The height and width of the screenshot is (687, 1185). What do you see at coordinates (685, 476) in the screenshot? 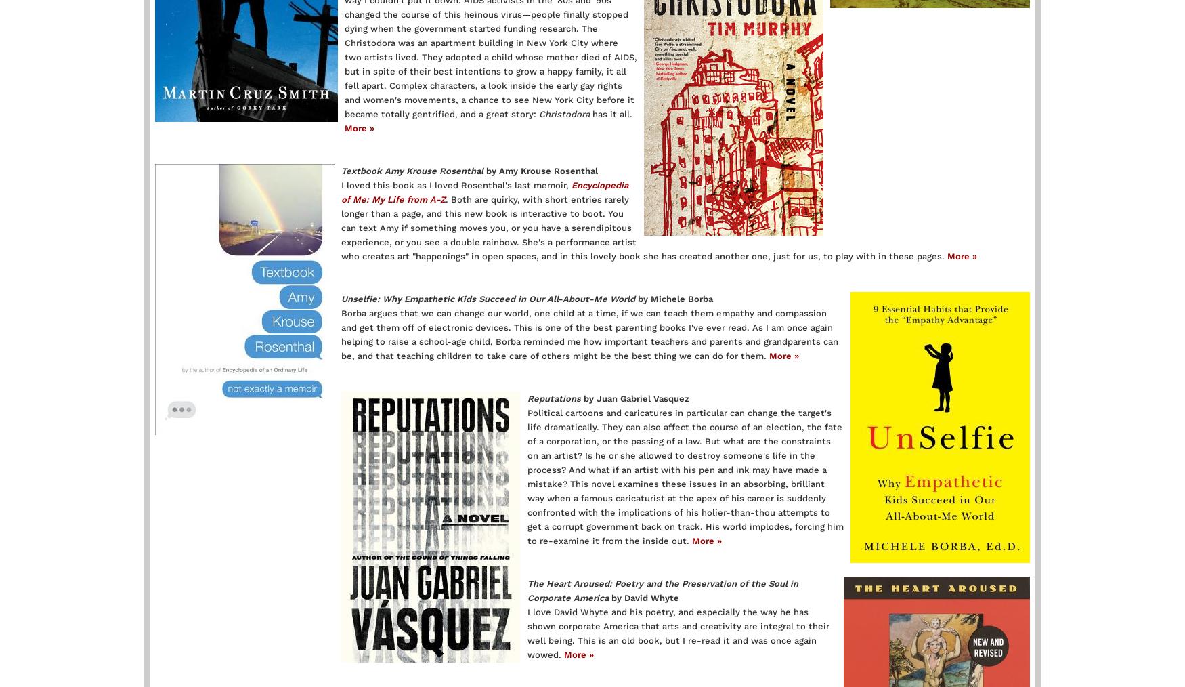
I see `'Political cartoons and caricatures in particular can change the target's life dramatically. They can also affect the course of an election, the fate of a corporation, or the passing of a law. But what are the constraints on an artist? Is he or she allowed to destroy someone's life in the process? And what if an artist with his pen and ink may have made a mistake? This novel examines these issues in an absorbing, brilliant way when a famous caricaturist at the apex of his career is suddenly confronted with the implications of his holier-than-thou attempts to get a corrupt government back on track. His world implodes, forcing him to re-examine it from the inside out.'` at bounding box center [685, 476].